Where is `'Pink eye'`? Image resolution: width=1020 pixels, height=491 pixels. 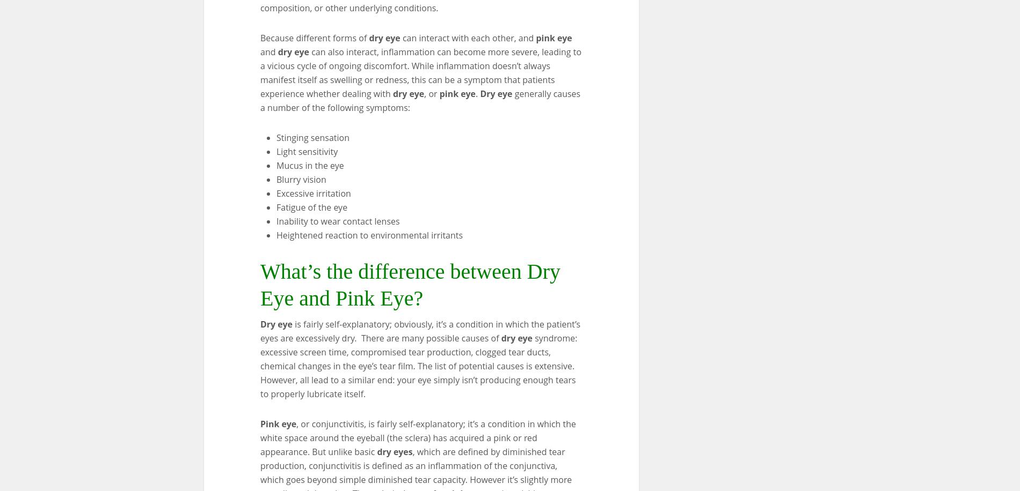
'Pink eye' is located at coordinates (260, 422).